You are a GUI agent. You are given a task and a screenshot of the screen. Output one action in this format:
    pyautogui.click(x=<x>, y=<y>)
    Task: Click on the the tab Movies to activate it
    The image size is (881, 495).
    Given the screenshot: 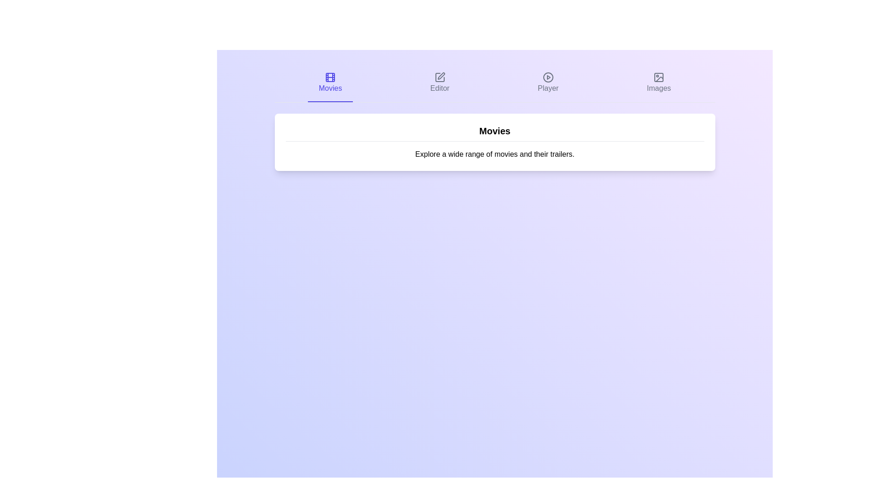 What is the action you would take?
    pyautogui.click(x=330, y=83)
    